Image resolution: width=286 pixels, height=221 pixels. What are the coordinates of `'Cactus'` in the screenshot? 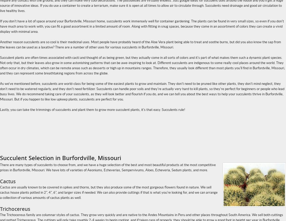 It's located at (8, 181).